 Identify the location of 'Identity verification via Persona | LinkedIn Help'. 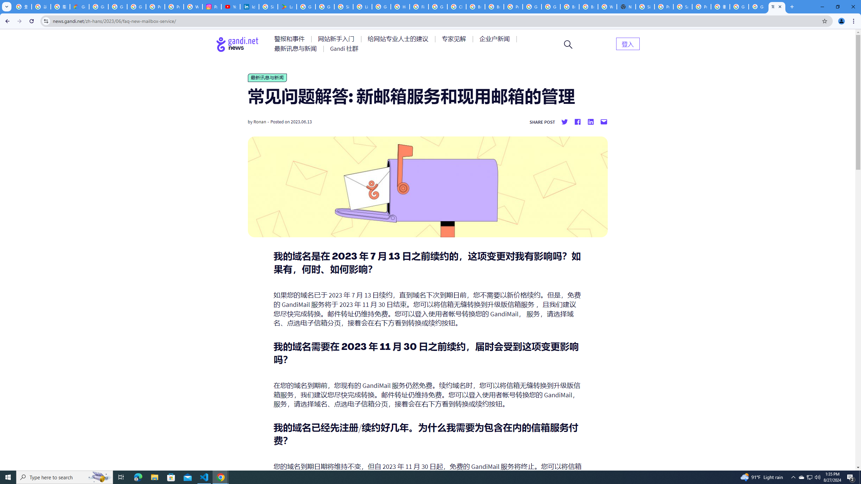
(249, 6).